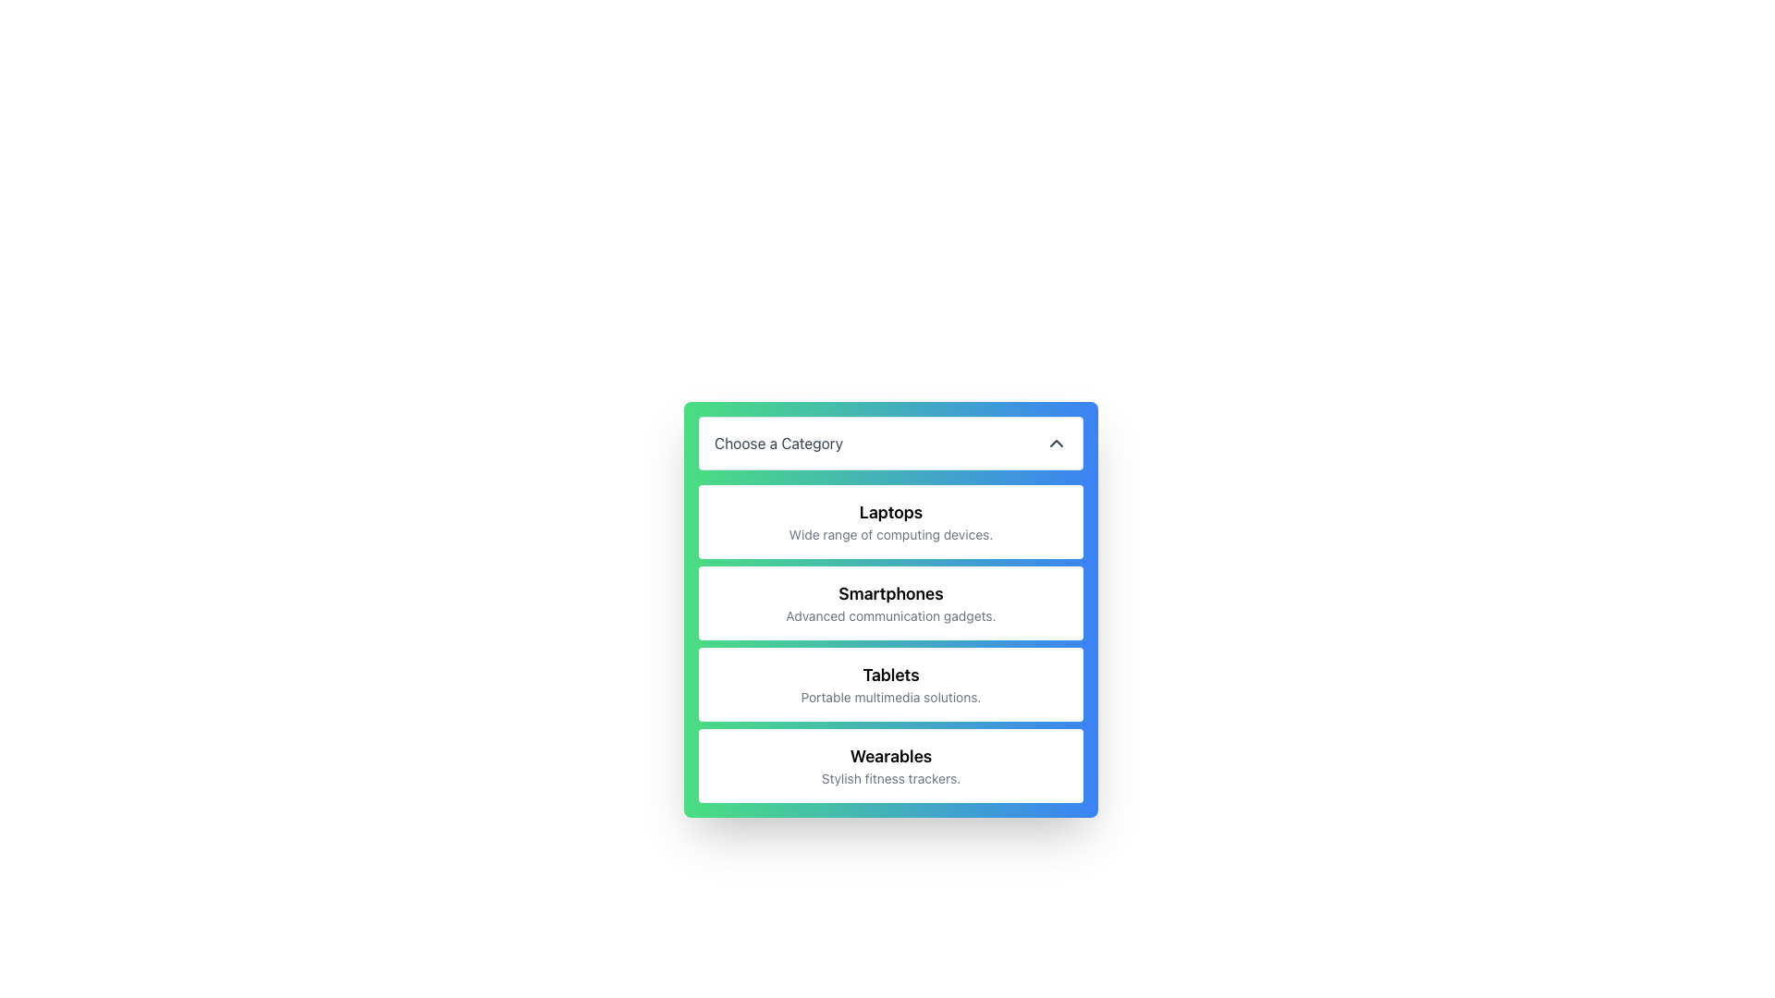 The height and width of the screenshot is (998, 1775). What do you see at coordinates (778, 443) in the screenshot?
I see `the static text label displaying 'Choose a Category', which is part of a dropdown interface, located at the left-hand side of the top section` at bounding box center [778, 443].